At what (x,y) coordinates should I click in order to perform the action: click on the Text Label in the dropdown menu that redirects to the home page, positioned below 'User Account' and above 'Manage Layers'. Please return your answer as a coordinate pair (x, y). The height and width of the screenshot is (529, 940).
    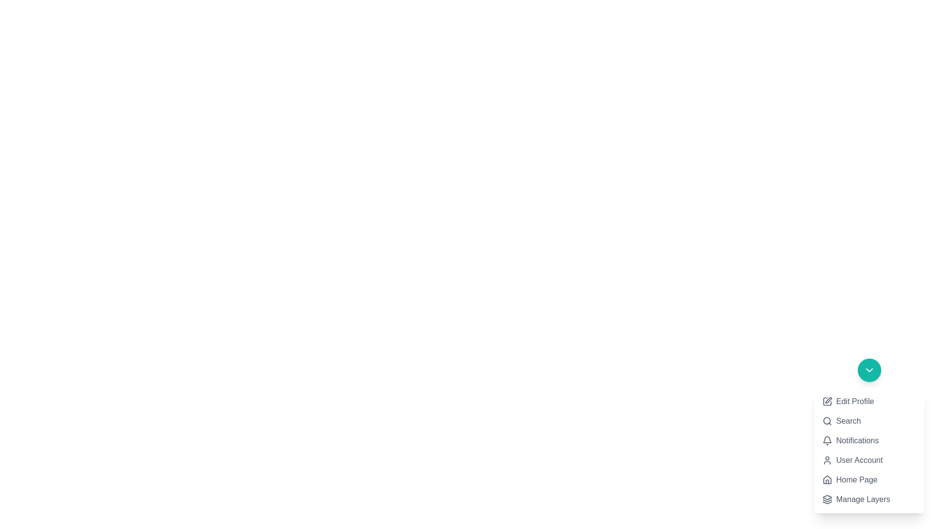
    Looking at the image, I should click on (856, 479).